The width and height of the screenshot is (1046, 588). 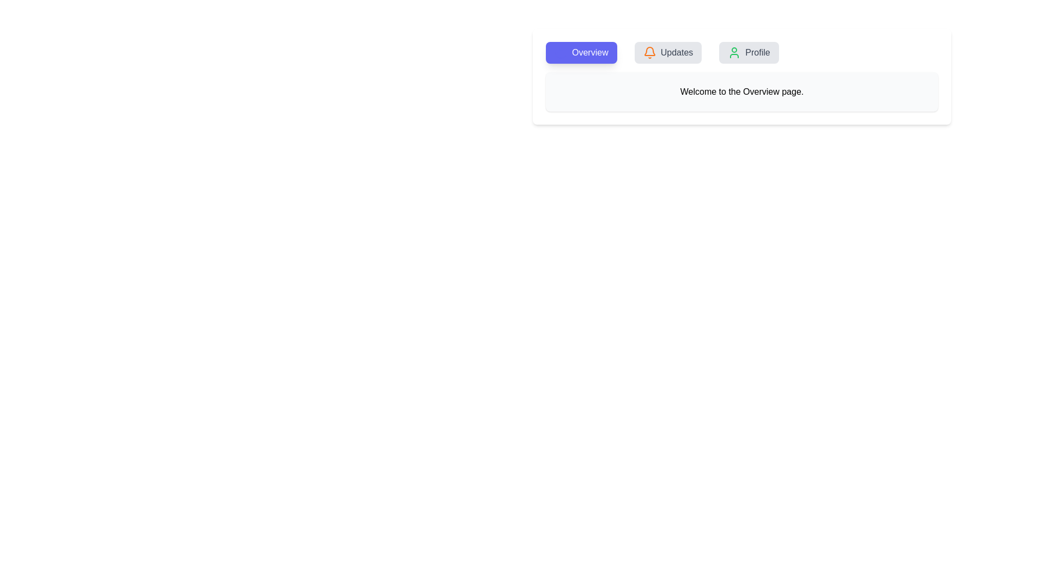 I want to click on the Overview tab by clicking on it, so click(x=581, y=52).